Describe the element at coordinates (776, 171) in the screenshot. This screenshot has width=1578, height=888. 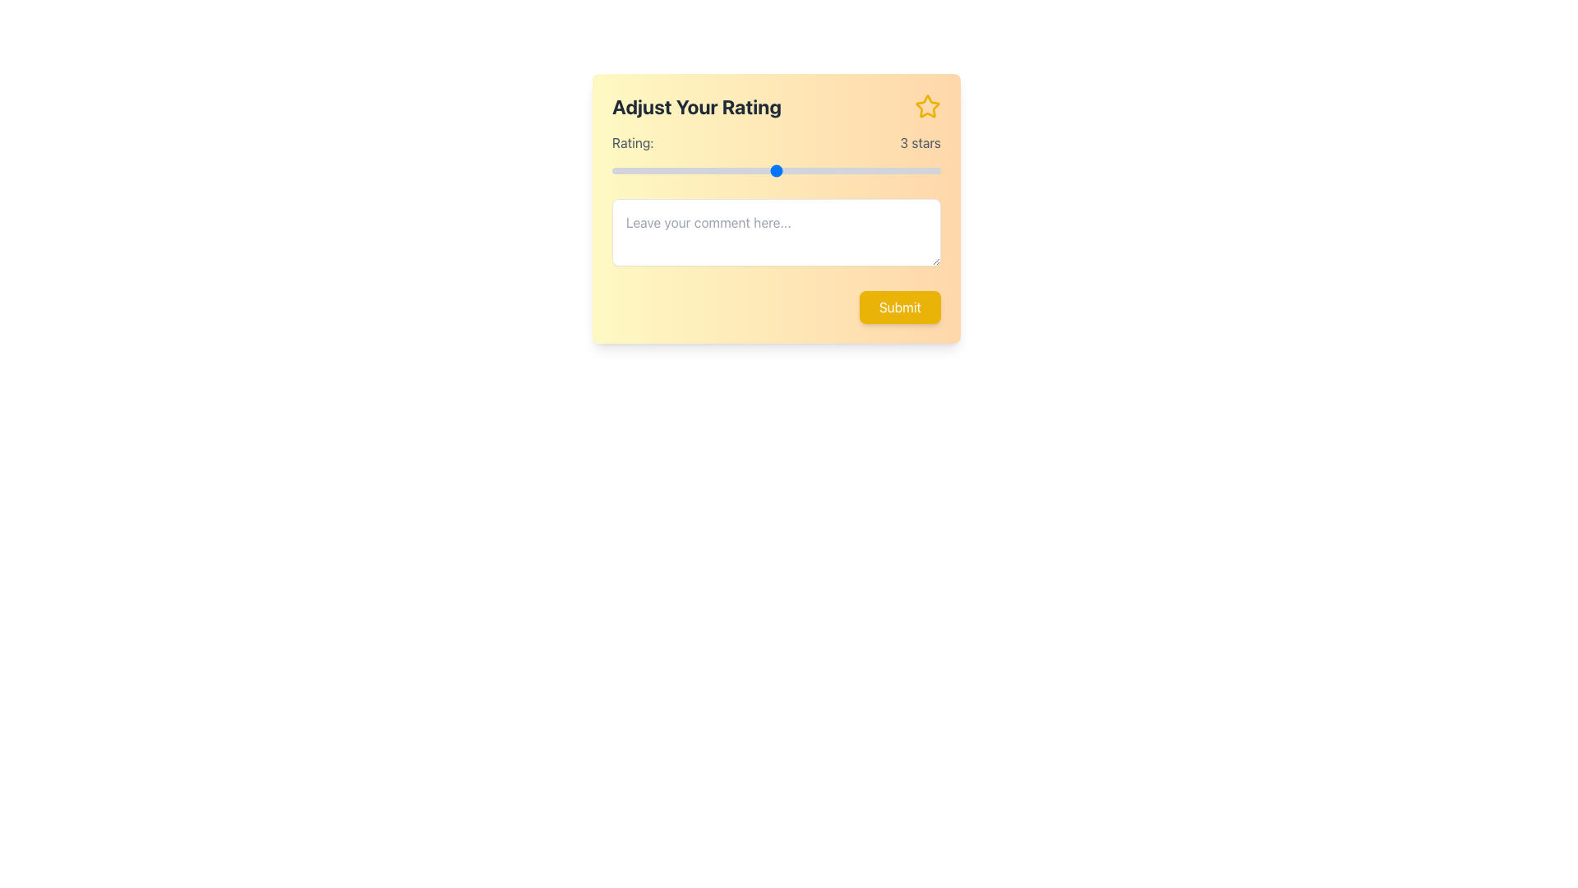
I see `the rating slider` at that location.